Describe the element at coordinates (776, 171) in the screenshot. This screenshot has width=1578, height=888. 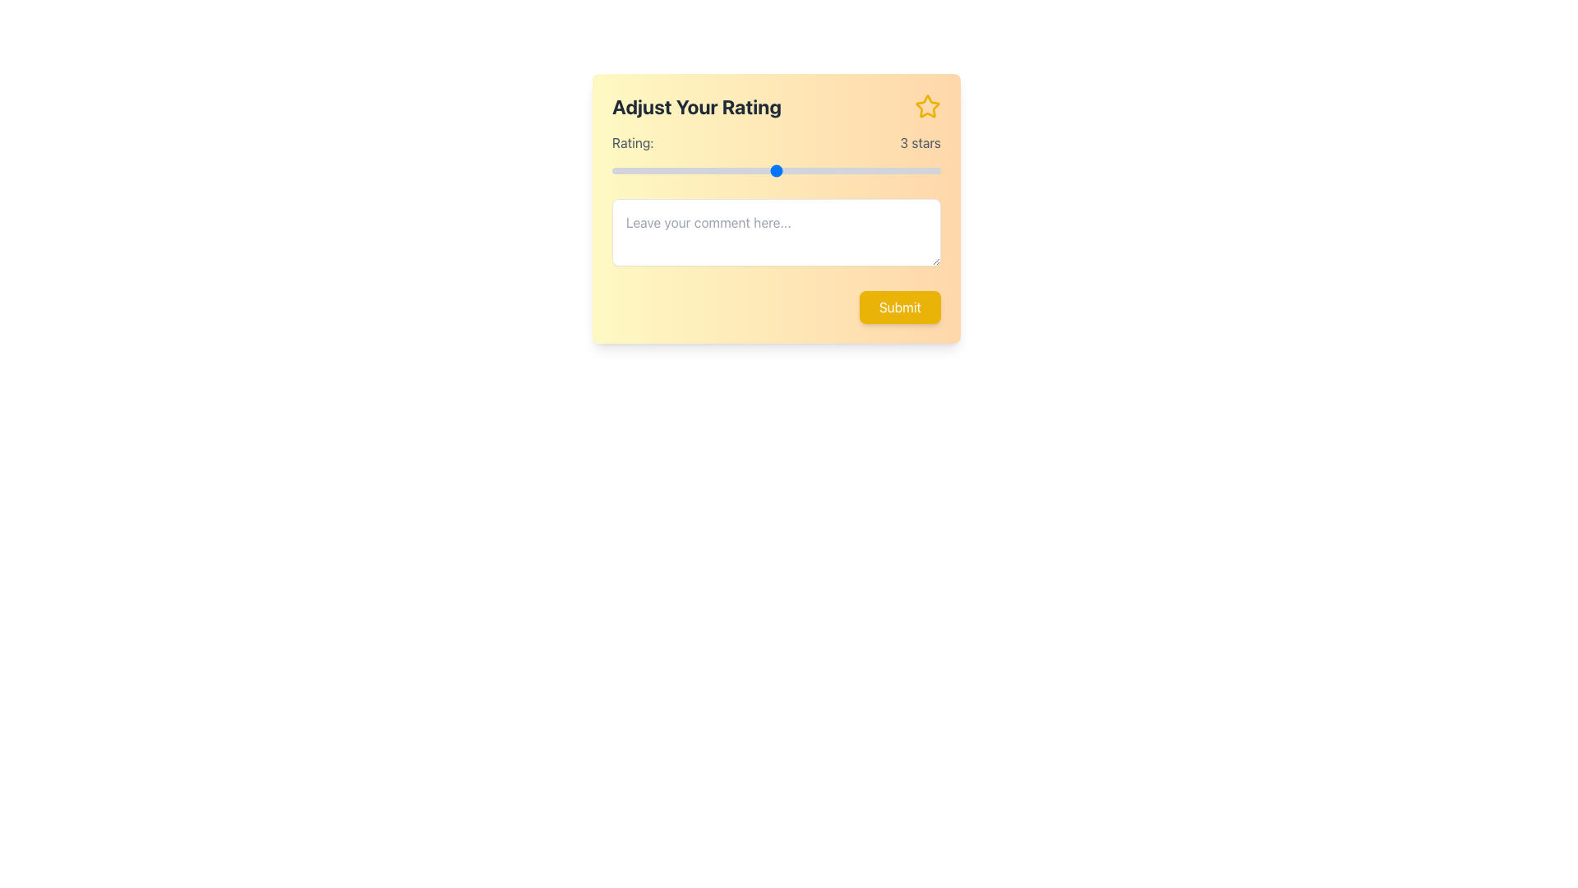
I see `the rating slider` at that location.